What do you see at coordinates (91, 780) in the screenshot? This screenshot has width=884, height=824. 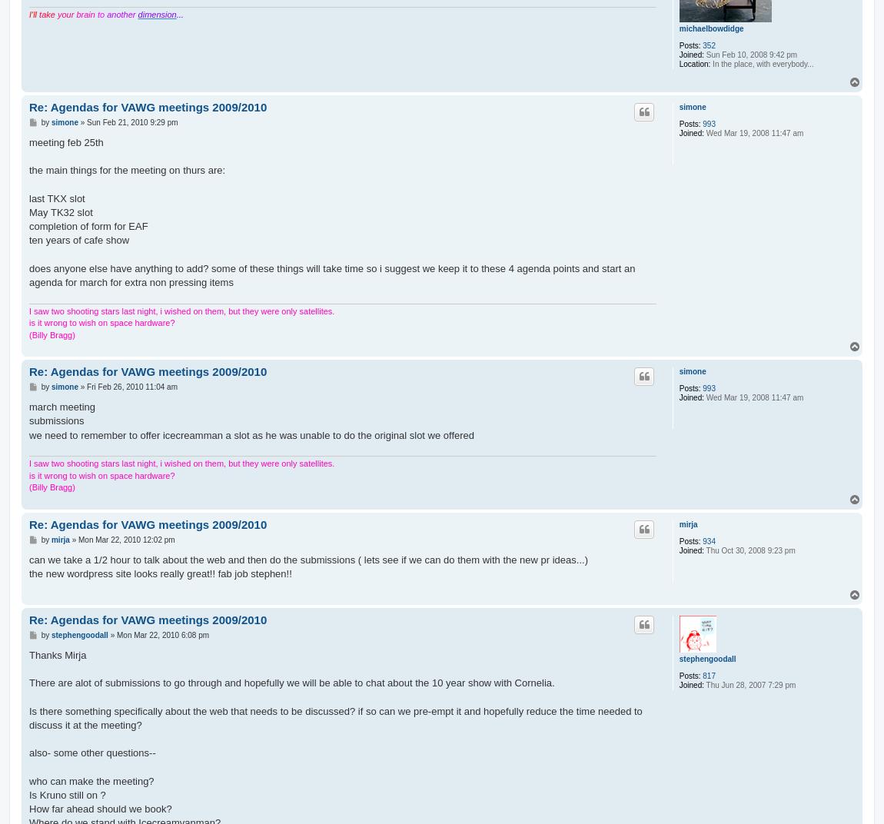 I see `'who can make the meeting?'` at bounding box center [91, 780].